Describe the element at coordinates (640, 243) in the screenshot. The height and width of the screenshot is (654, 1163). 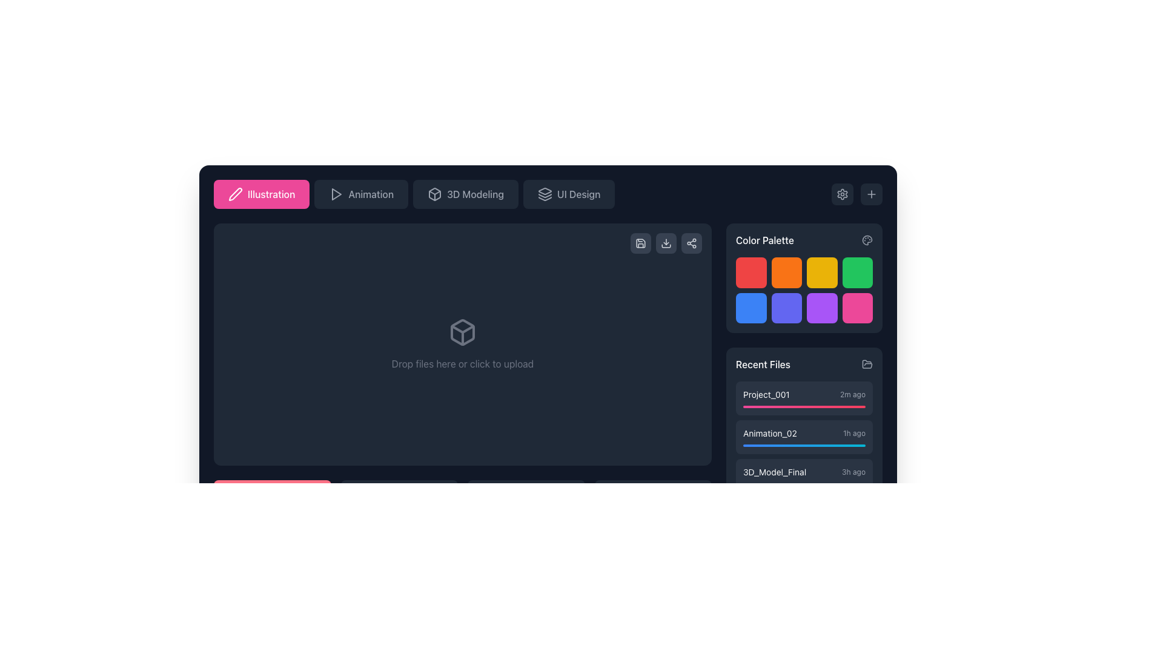
I see `the floppy disk icon button located in the top-right corner of the dark main panel` at that location.